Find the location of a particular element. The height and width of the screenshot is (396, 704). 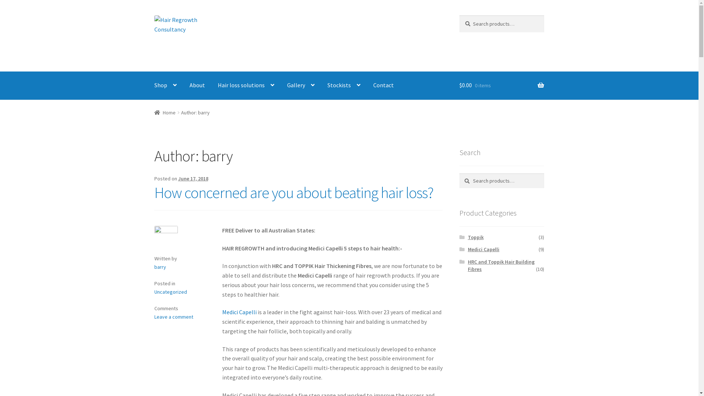

'Shop' is located at coordinates (165, 85).